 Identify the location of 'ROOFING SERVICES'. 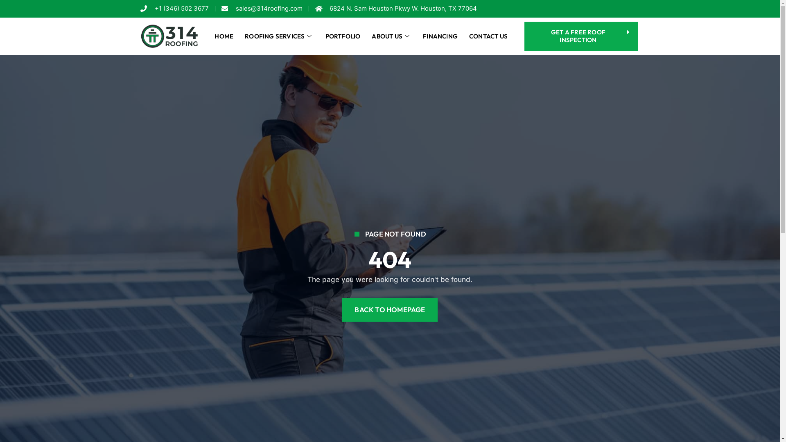
(279, 36).